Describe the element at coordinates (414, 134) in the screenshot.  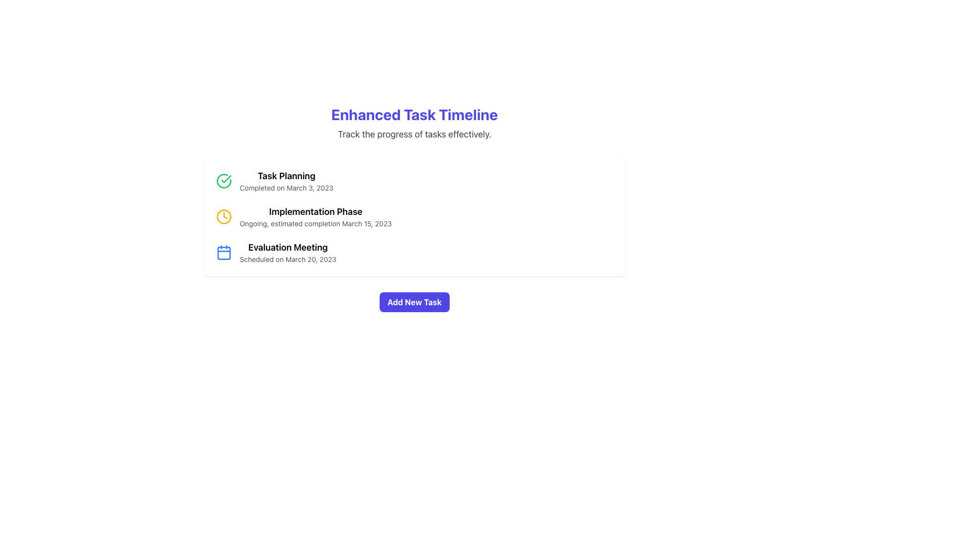
I see `the text element that reads 'Track the progress of tasks effectively.' which is styled in subtle gray color and positioned below the headline 'Enhanced Task Timeline'` at that location.